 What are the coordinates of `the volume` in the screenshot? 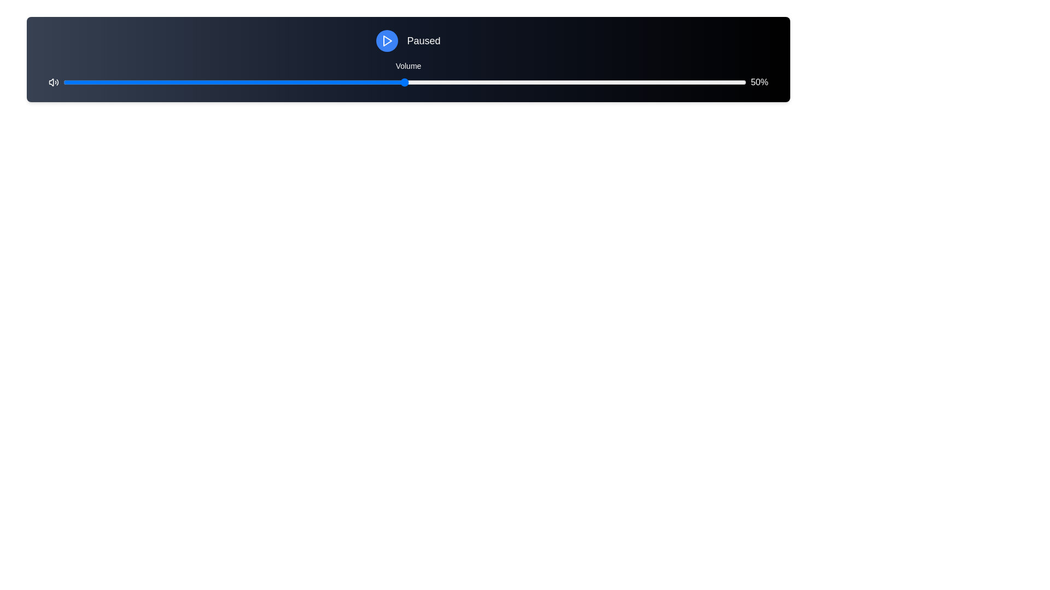 It's located at (131, 81).